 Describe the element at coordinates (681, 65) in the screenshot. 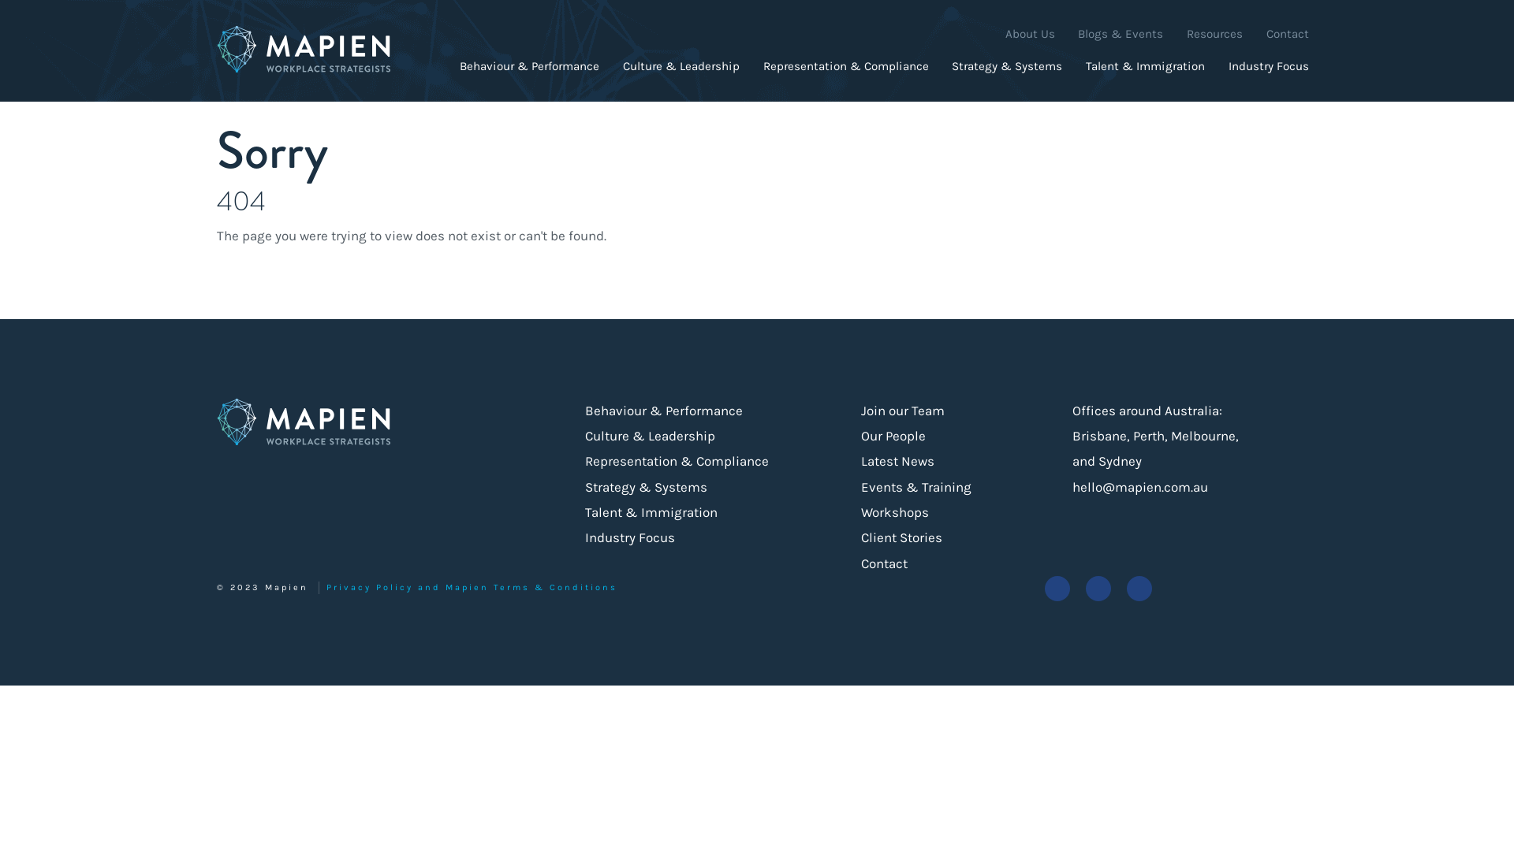

I see `'Culture & Leadership'` at that location.